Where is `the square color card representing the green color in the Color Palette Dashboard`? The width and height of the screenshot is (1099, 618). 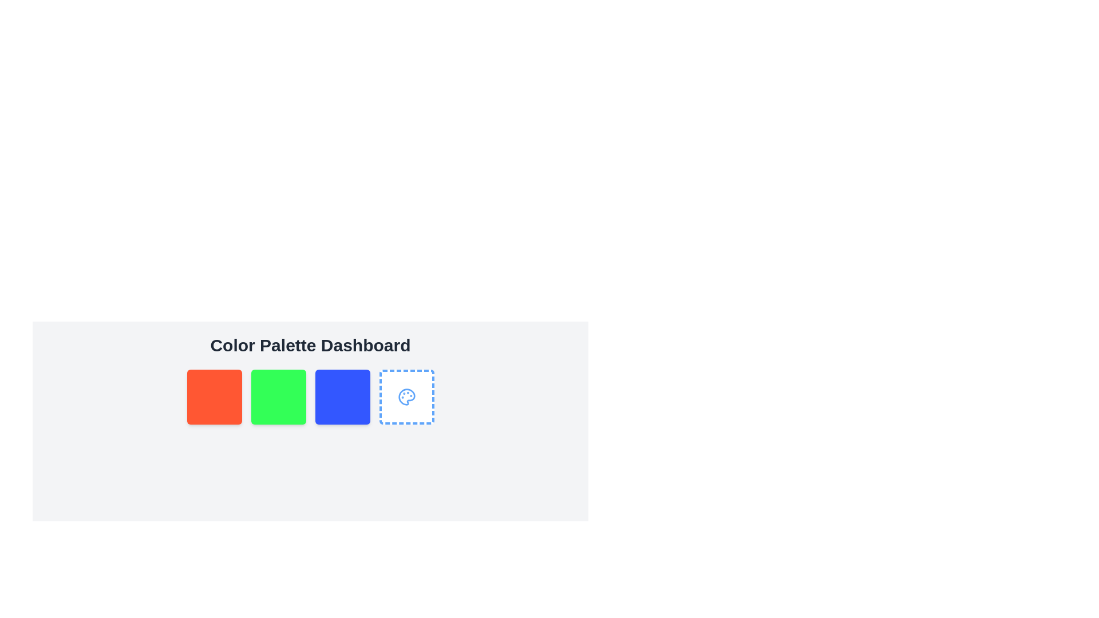
the square color card representing the green color in the Color Palette Dashboard is located at coordinates (278, 397).